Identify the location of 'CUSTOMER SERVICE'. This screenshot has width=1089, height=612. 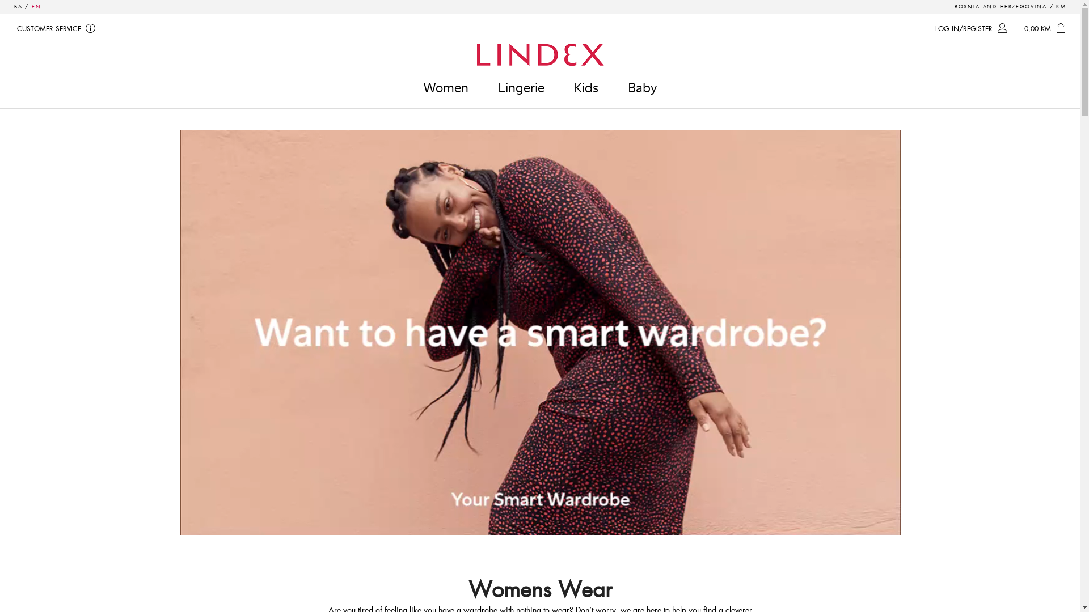
(11, 28).